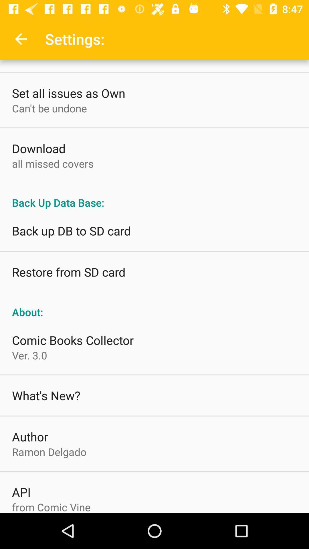  Describe the element at coordinates (49, 451) in the screenshot. I see `the item below author item` at that location.